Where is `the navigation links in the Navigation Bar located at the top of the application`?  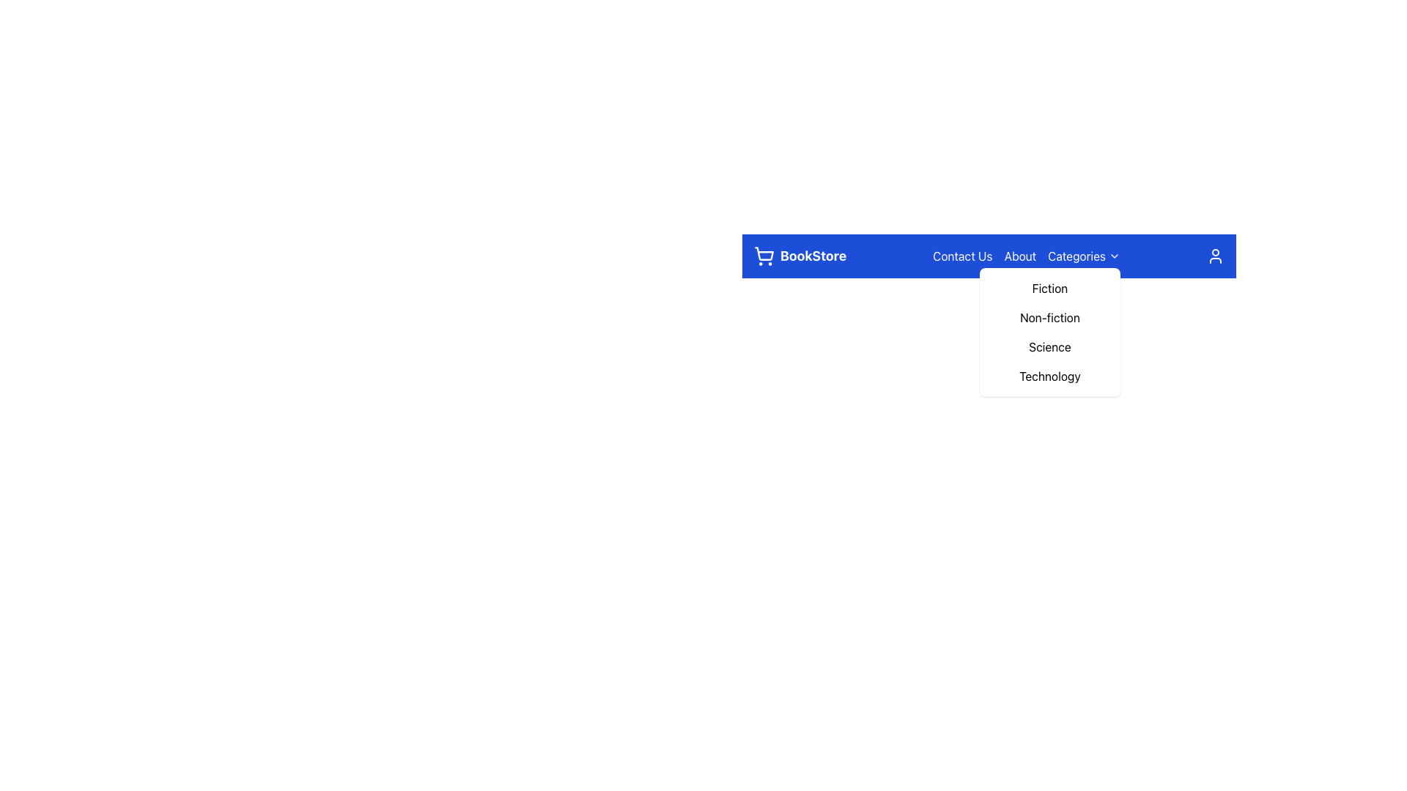
the navigation links in the Navigation Bar located at the top of the application is located at coordinates (989, 256).